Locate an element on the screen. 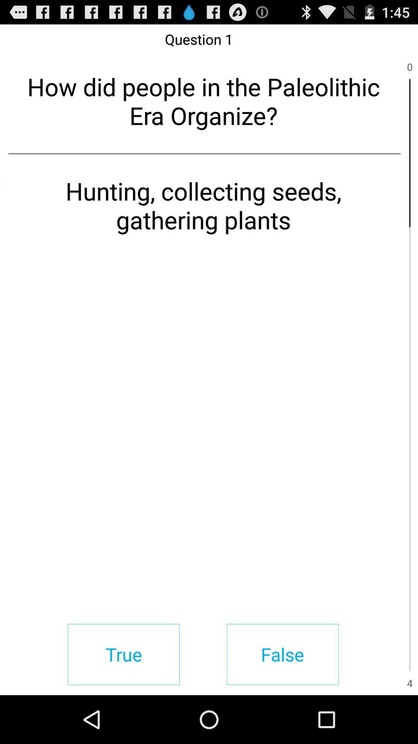 This screenshot has height=744, width=418. the false is located at coordinates (283, 654).